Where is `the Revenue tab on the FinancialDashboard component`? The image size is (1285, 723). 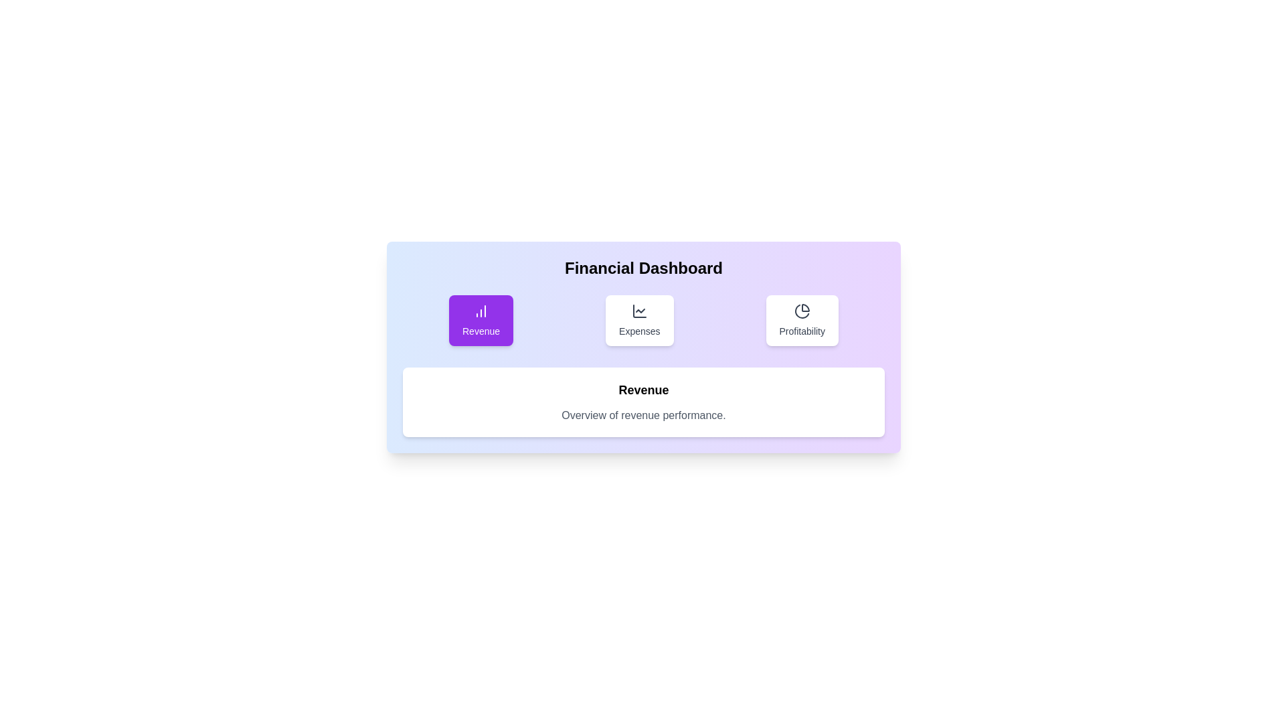
the Revenue tab on the FinancialDashboard component is located at coordinates (481, 320).